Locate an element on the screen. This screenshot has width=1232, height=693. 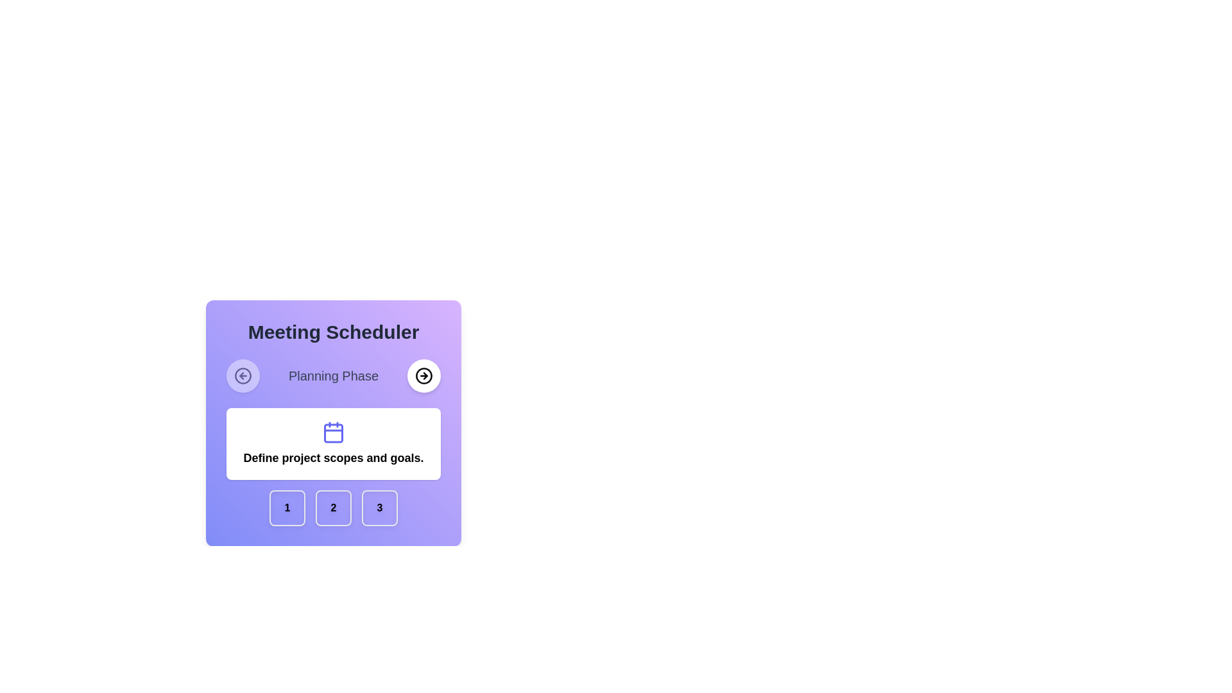
the last button in the sequence for selecting the third step in the project scope definition process is located at coordinates (379, 507).